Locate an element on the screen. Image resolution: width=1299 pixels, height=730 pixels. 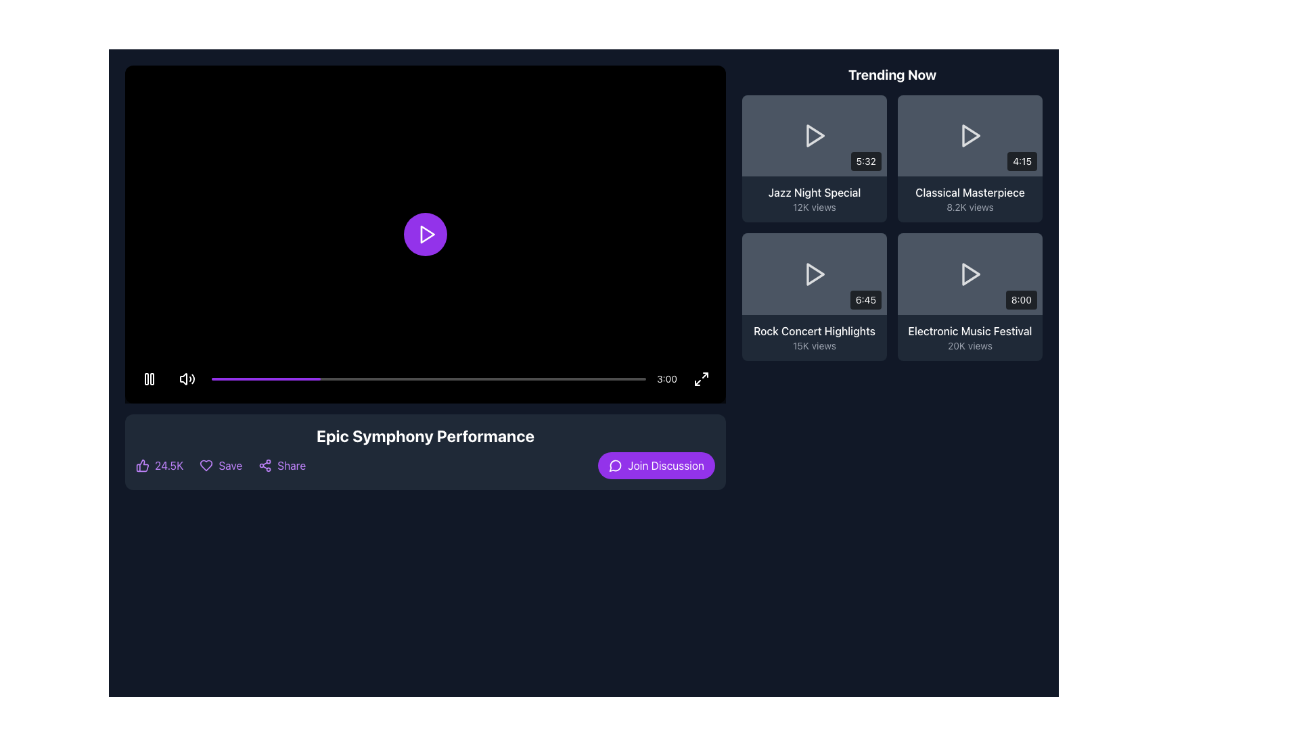
the dark rectangular button with a play icon and the label '8:00' in the bottom-right corner is located at coordinates (970, 274).